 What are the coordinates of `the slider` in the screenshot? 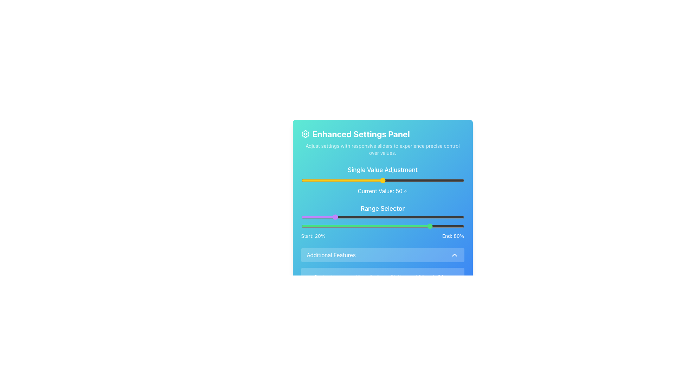 It's located at (410, 226).